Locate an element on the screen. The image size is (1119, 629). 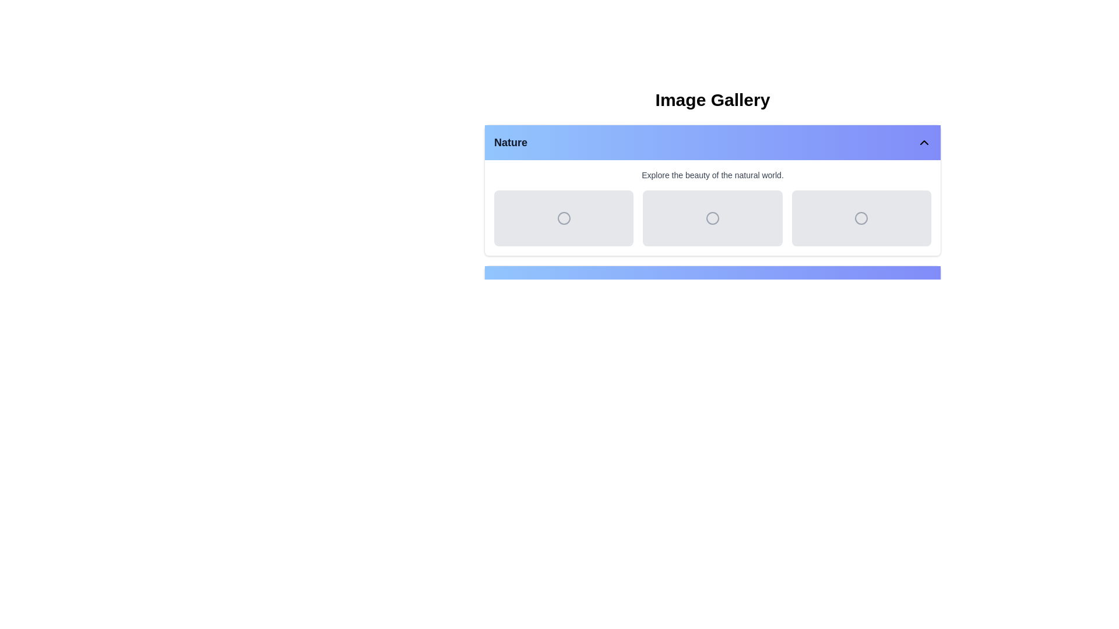
toggle button for the 'Nature' category to collapse it is located at coordinates (923, 142).